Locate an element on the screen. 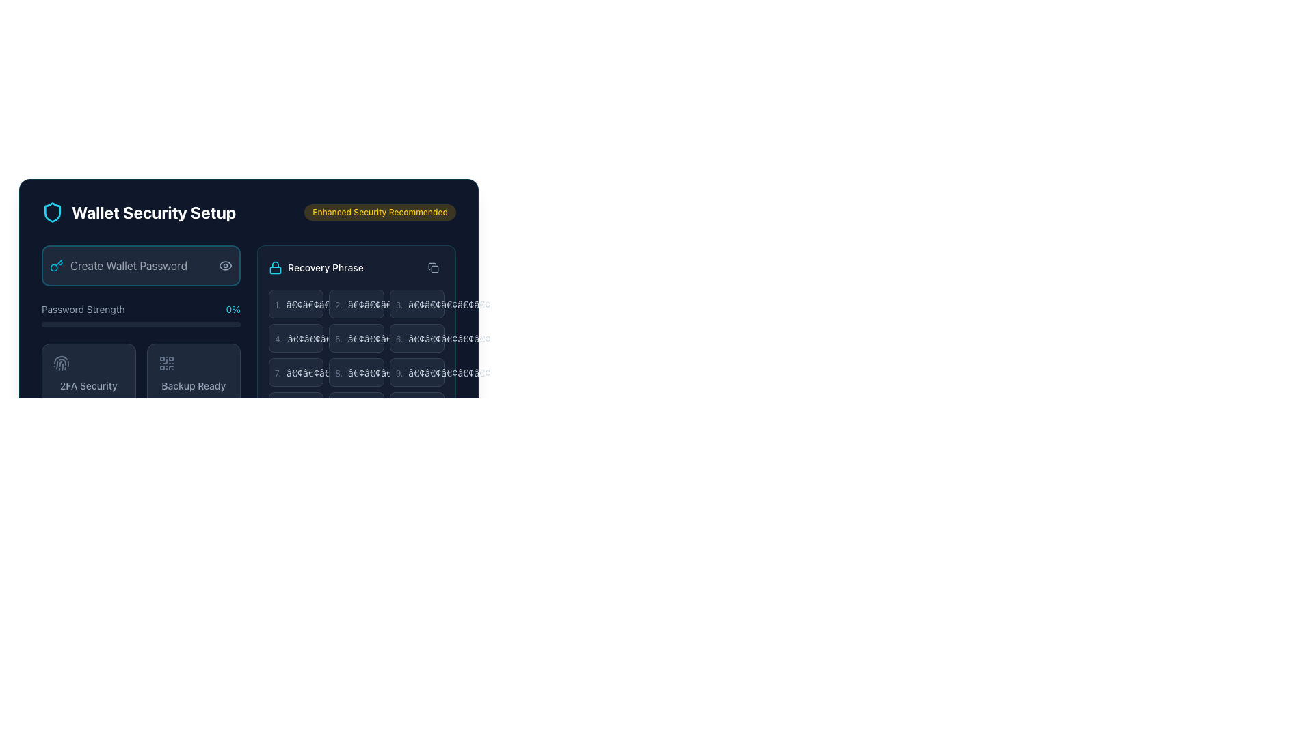 This screenshot has height=738, width=1313. text display element that obscures or encrypts content, located to the right of the number '4.' in the 'Recovery Phrase' section is located at coordinates (328, 338).